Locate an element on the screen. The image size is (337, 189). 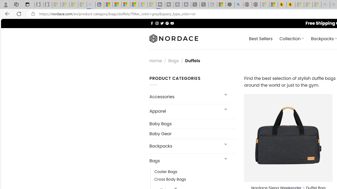
'Follow on Twitter' is located at coordinates (162, 23).